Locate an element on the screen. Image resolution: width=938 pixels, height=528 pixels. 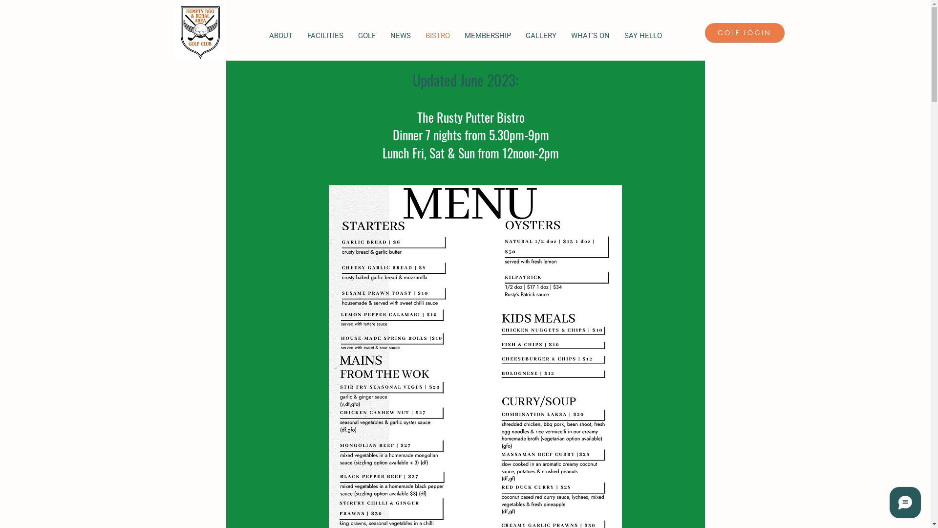
'ABOUT' is located at coordinates (280, 35).